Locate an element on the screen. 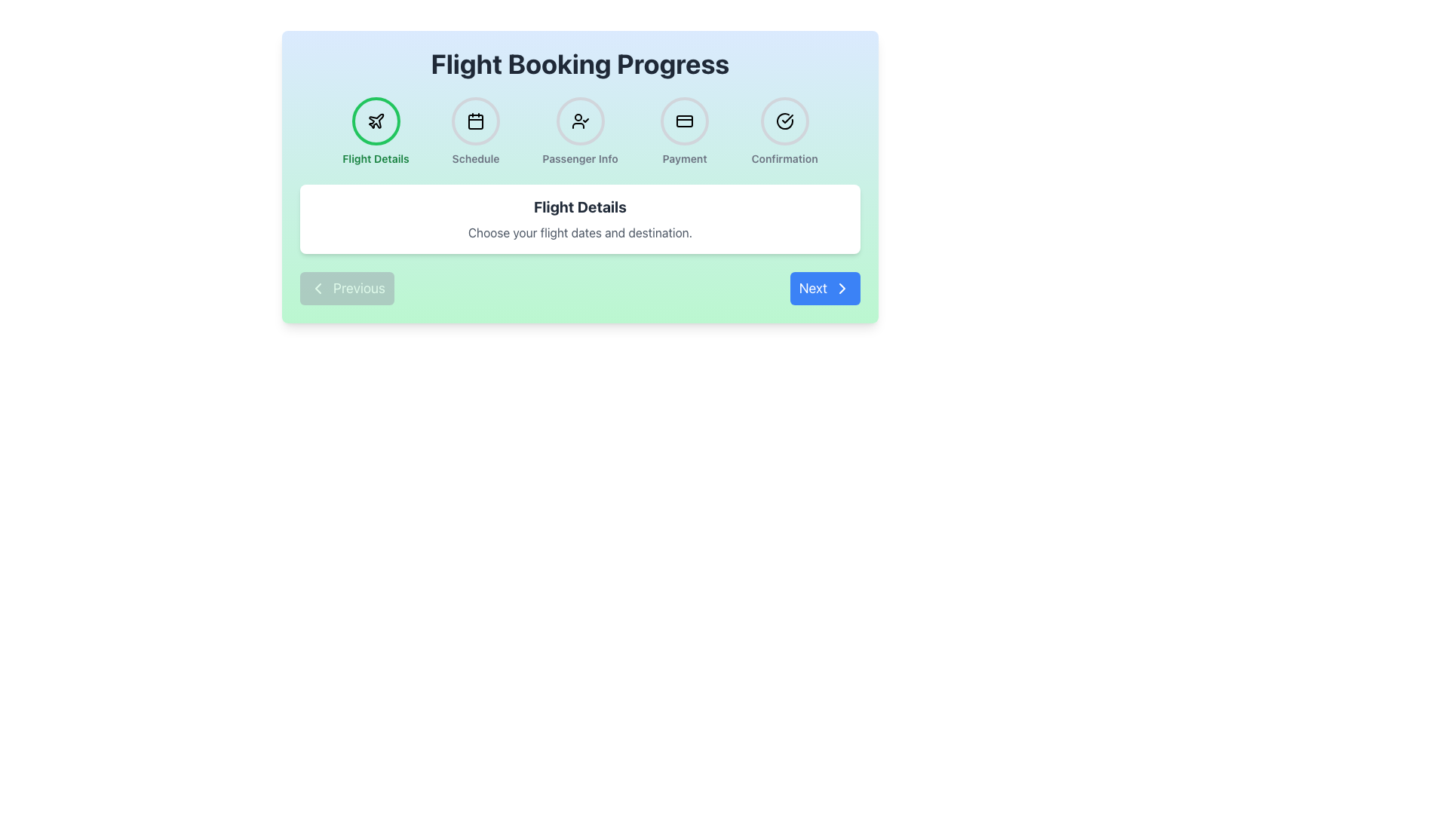 This screenshot has height=814, width=1448. the 'Passenger Info' step in the flight booking progress bar is located at coordinates (579, 130).